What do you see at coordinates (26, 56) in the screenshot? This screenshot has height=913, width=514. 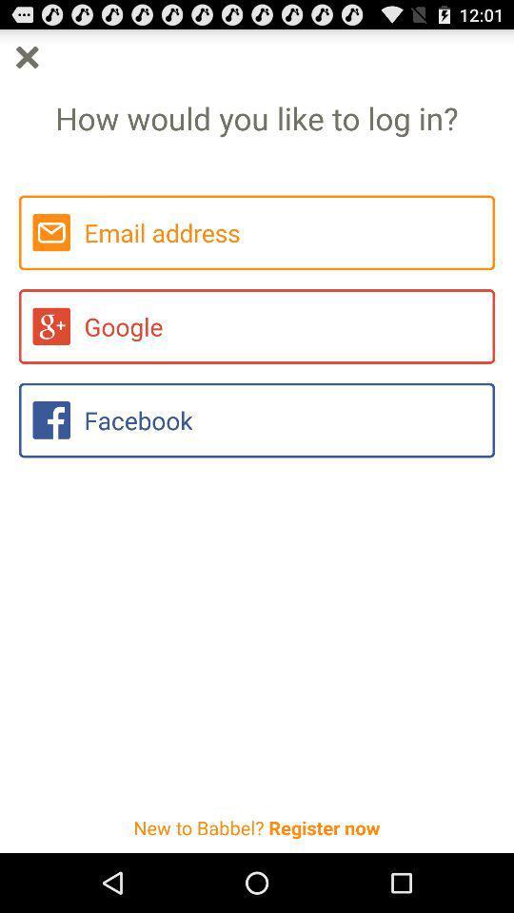 I see `app` at bounding box center [26, 56].